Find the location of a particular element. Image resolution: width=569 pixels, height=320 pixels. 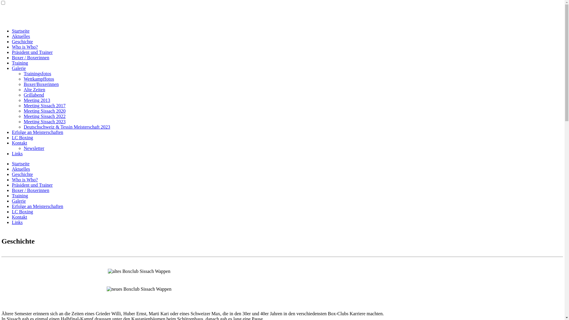

'Kontakt' is located at coordinates (12, 217).